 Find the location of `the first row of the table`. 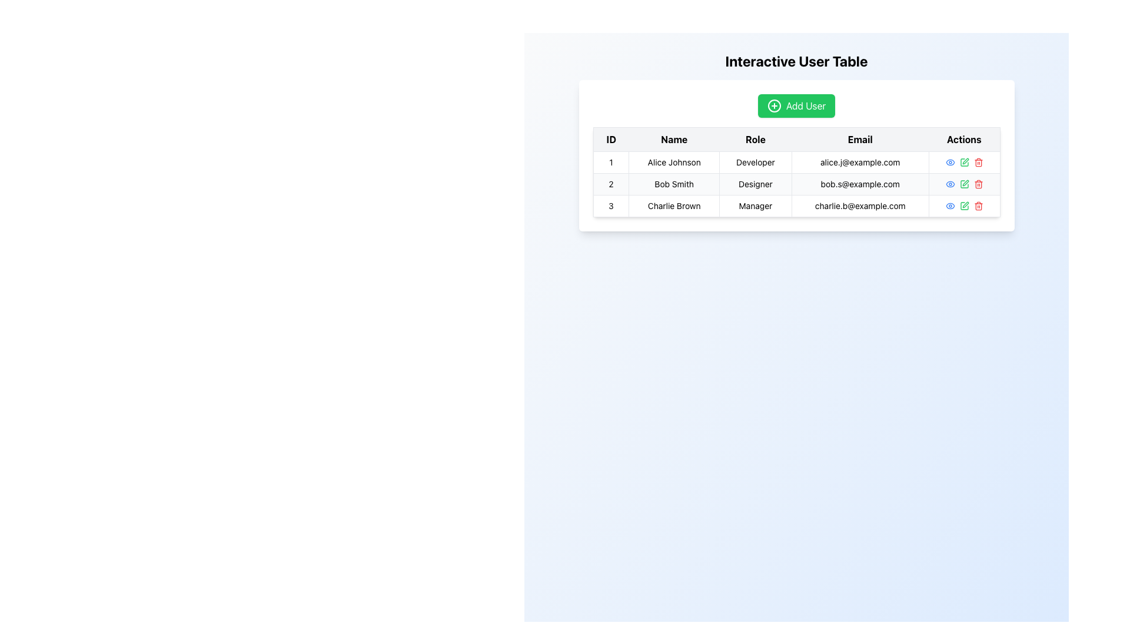

the first row of the table is located at coordinates (796, 163).